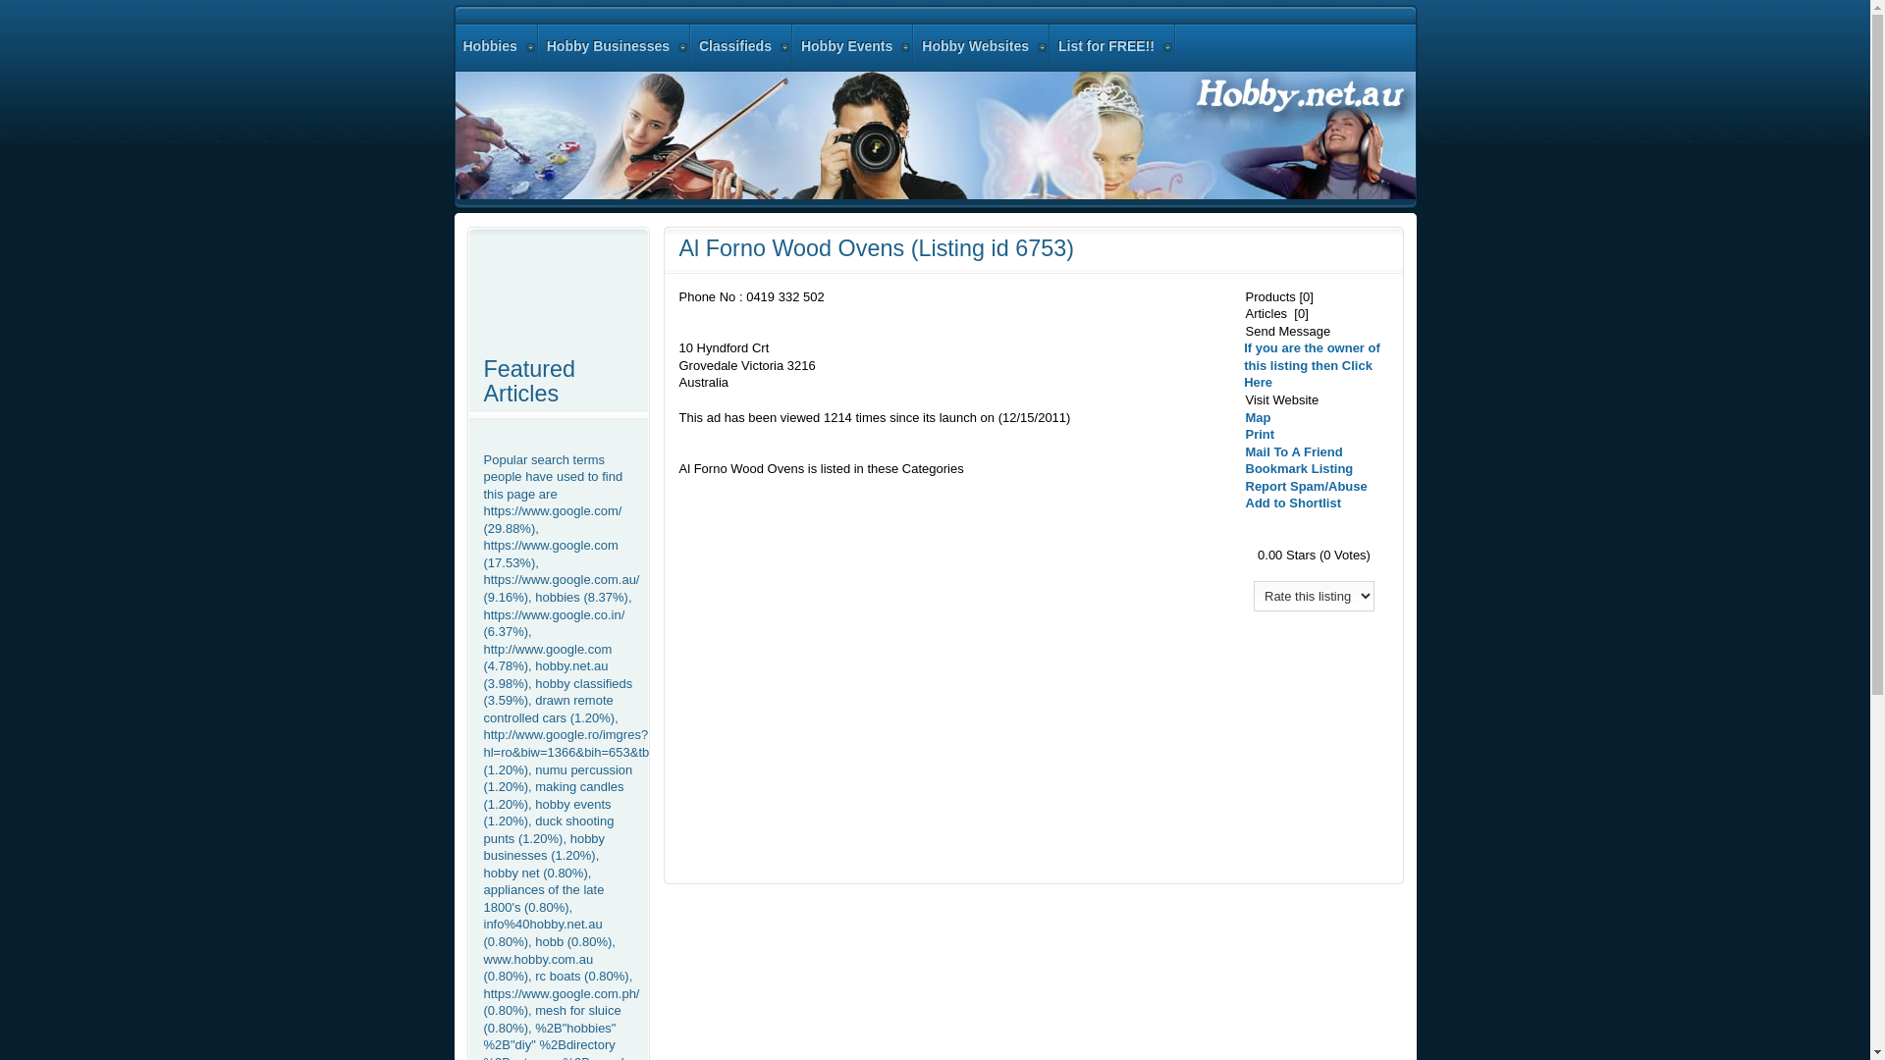 The height and width of the screenshot is (1060, 1885). I want to click on 'Hobby Events', so click(792, 46).